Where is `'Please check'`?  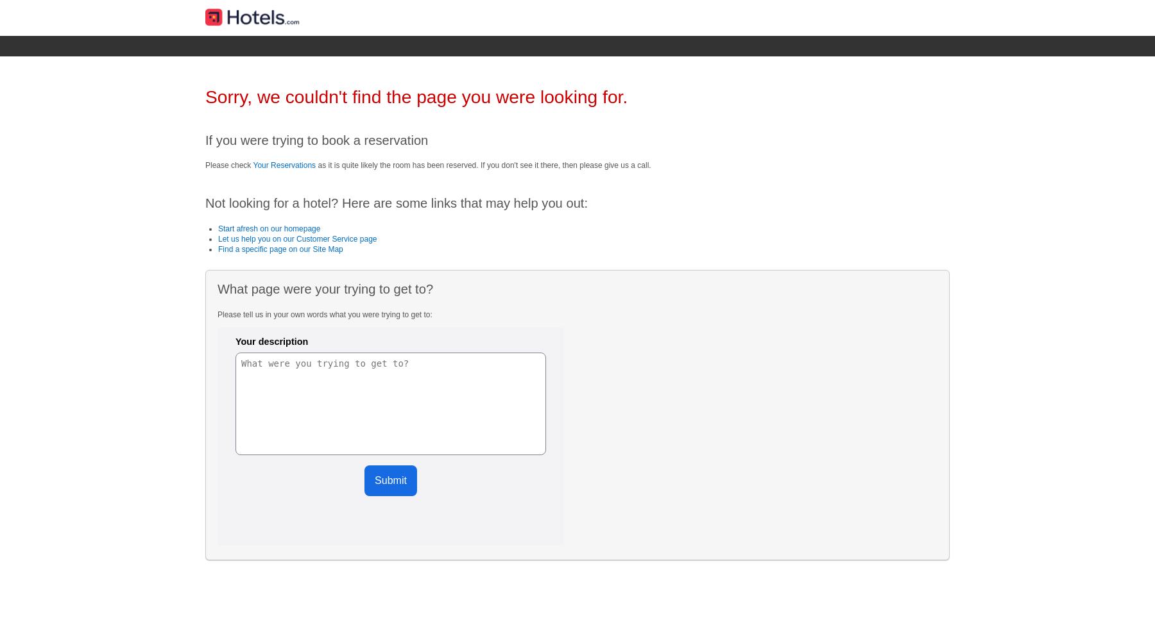
'Please check' is located at coordinates (228, 165).